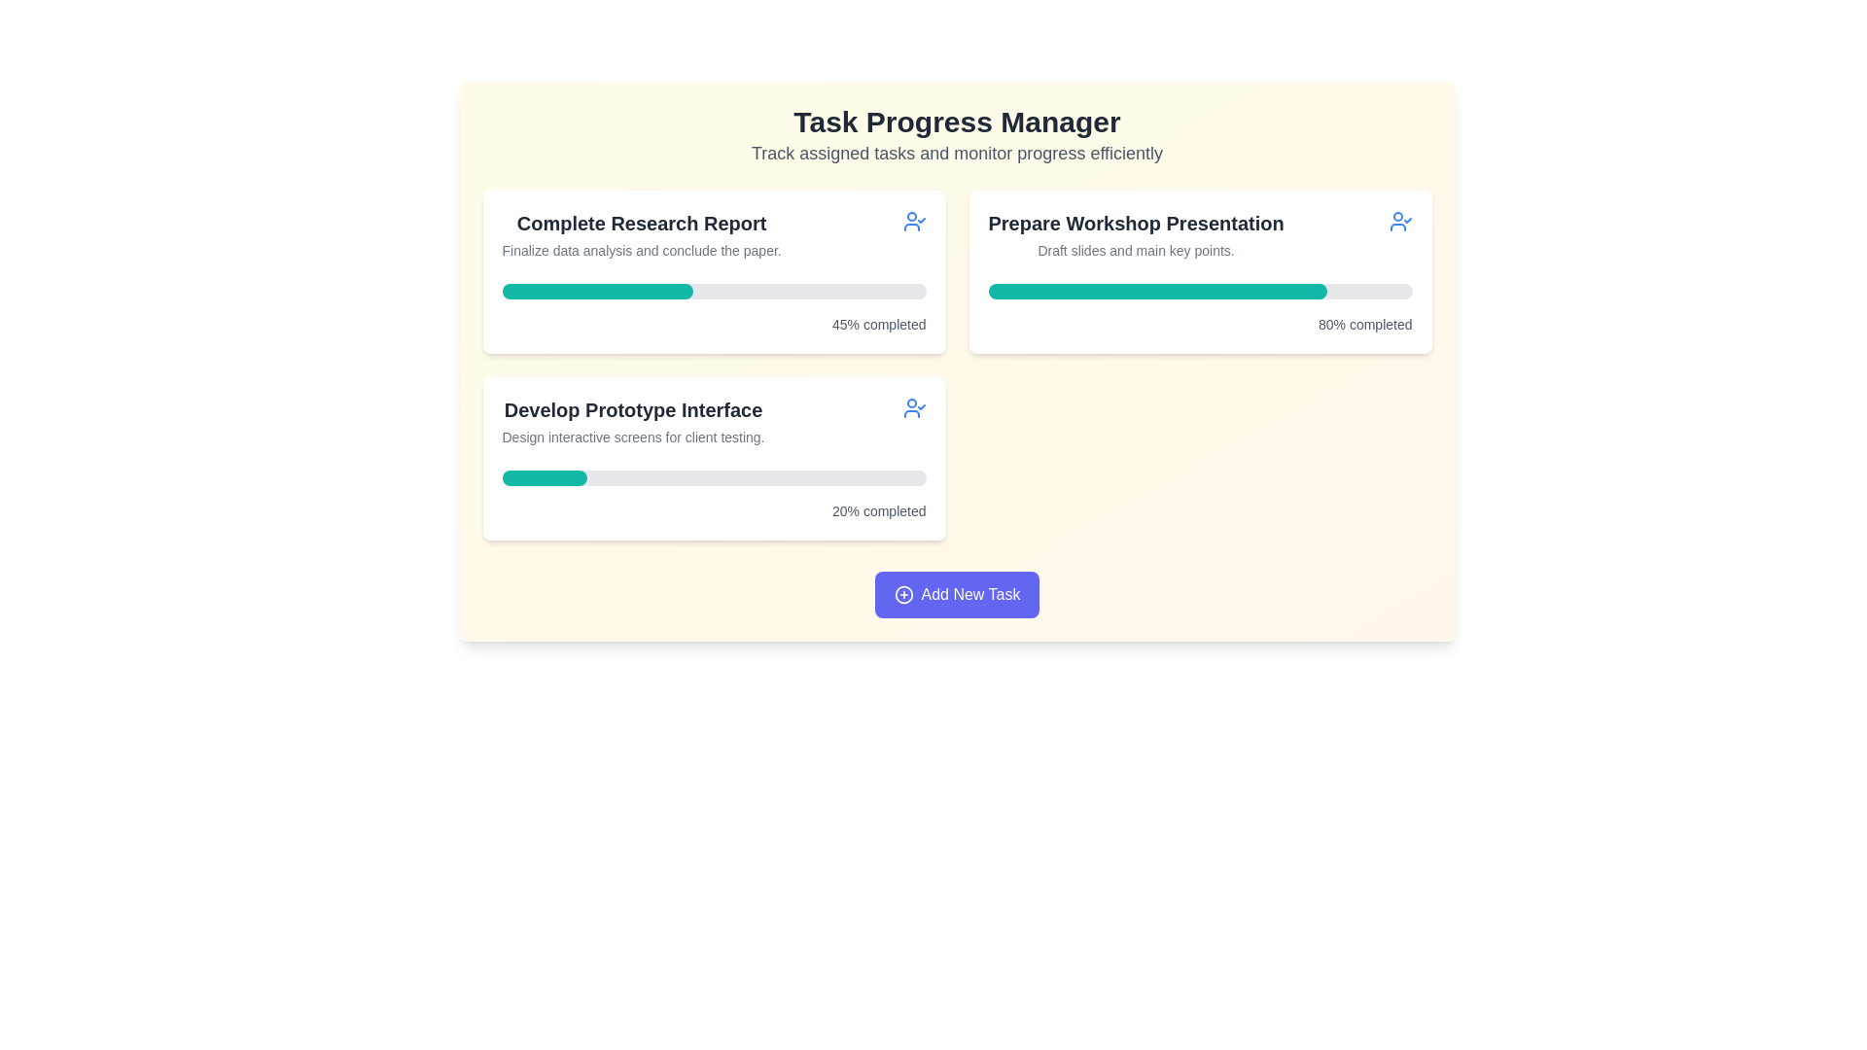  Describe the element at coordinates (957, 153) in the screenshot. I see `descriptive subtitle text label positioned below the title 'Task Progress Manager', which serves to explain the purpose of the task manager` at that location.